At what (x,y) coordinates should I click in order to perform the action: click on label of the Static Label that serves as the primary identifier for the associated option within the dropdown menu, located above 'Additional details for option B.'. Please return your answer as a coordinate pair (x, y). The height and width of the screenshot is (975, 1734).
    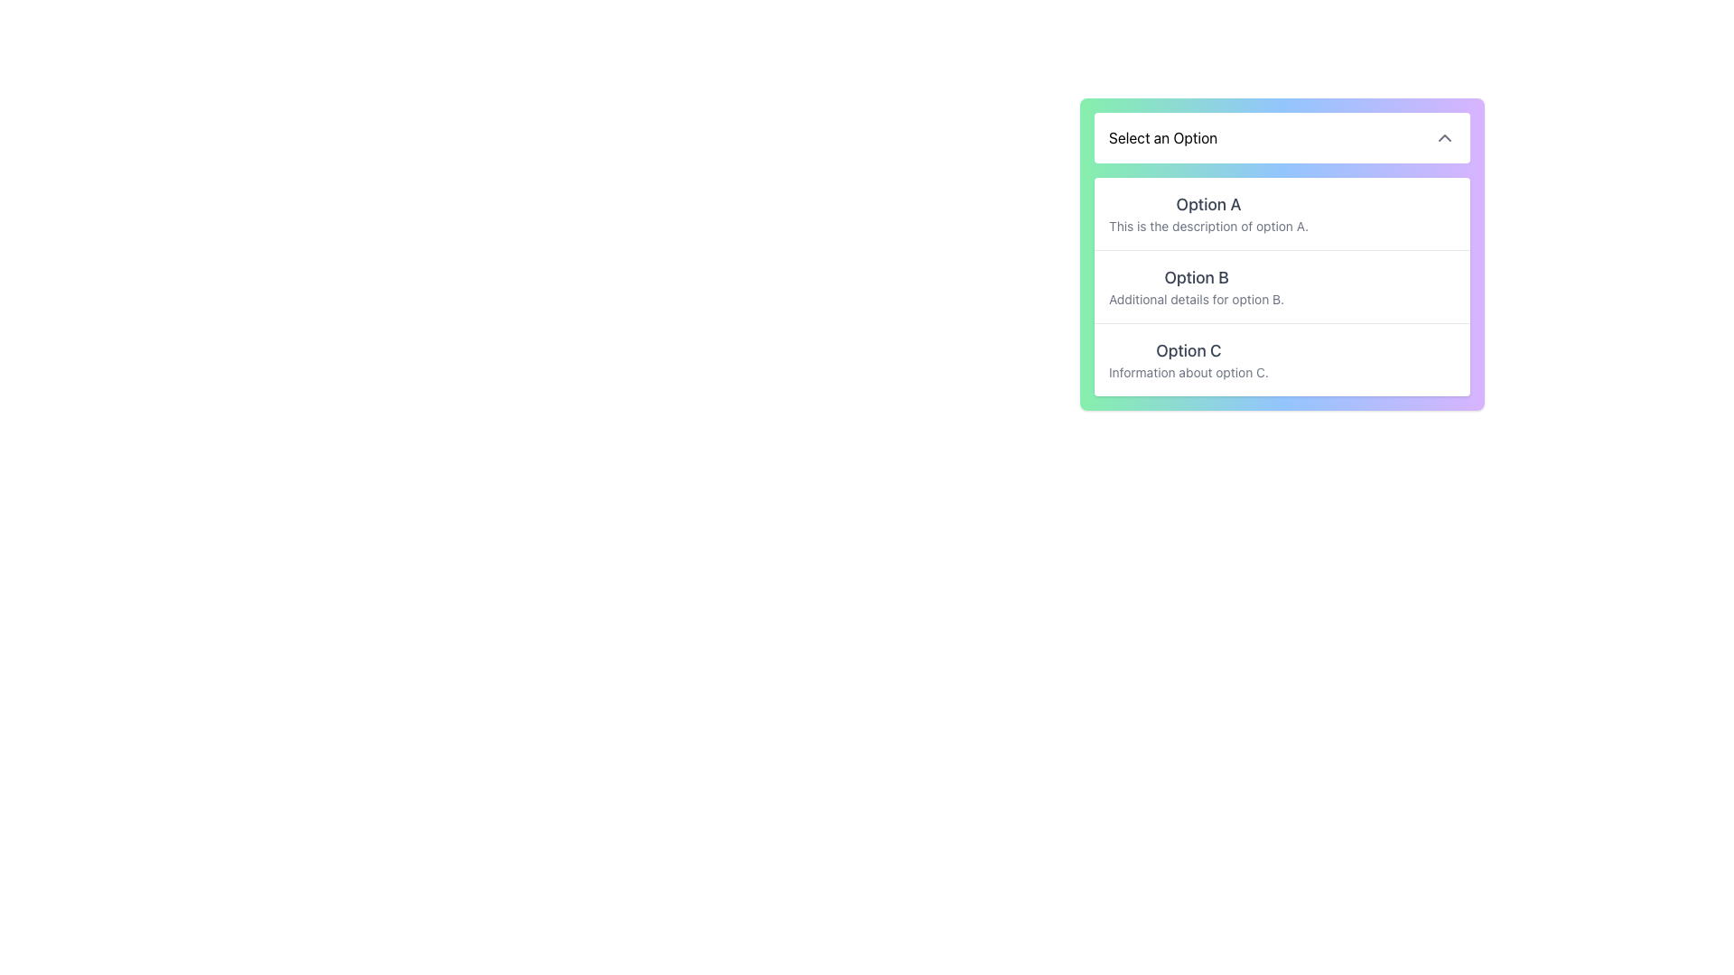
    Looking at the image, I should click on (1196, 278).